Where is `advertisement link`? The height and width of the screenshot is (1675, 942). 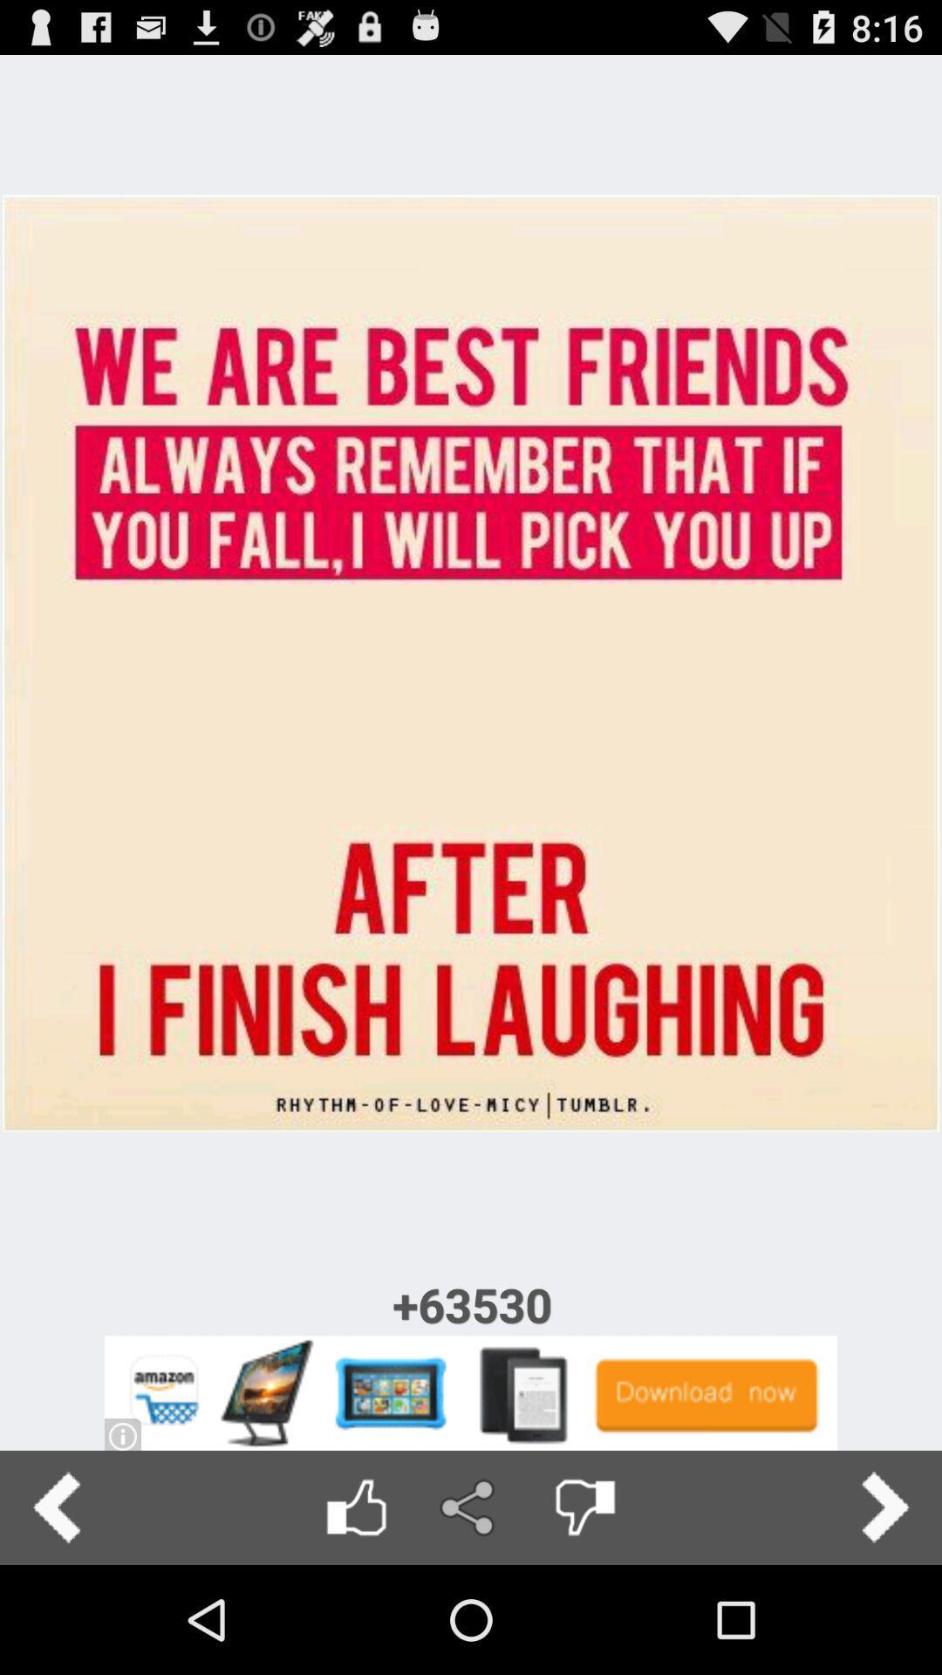
advertisement link is located at coordinates (471, 1392).